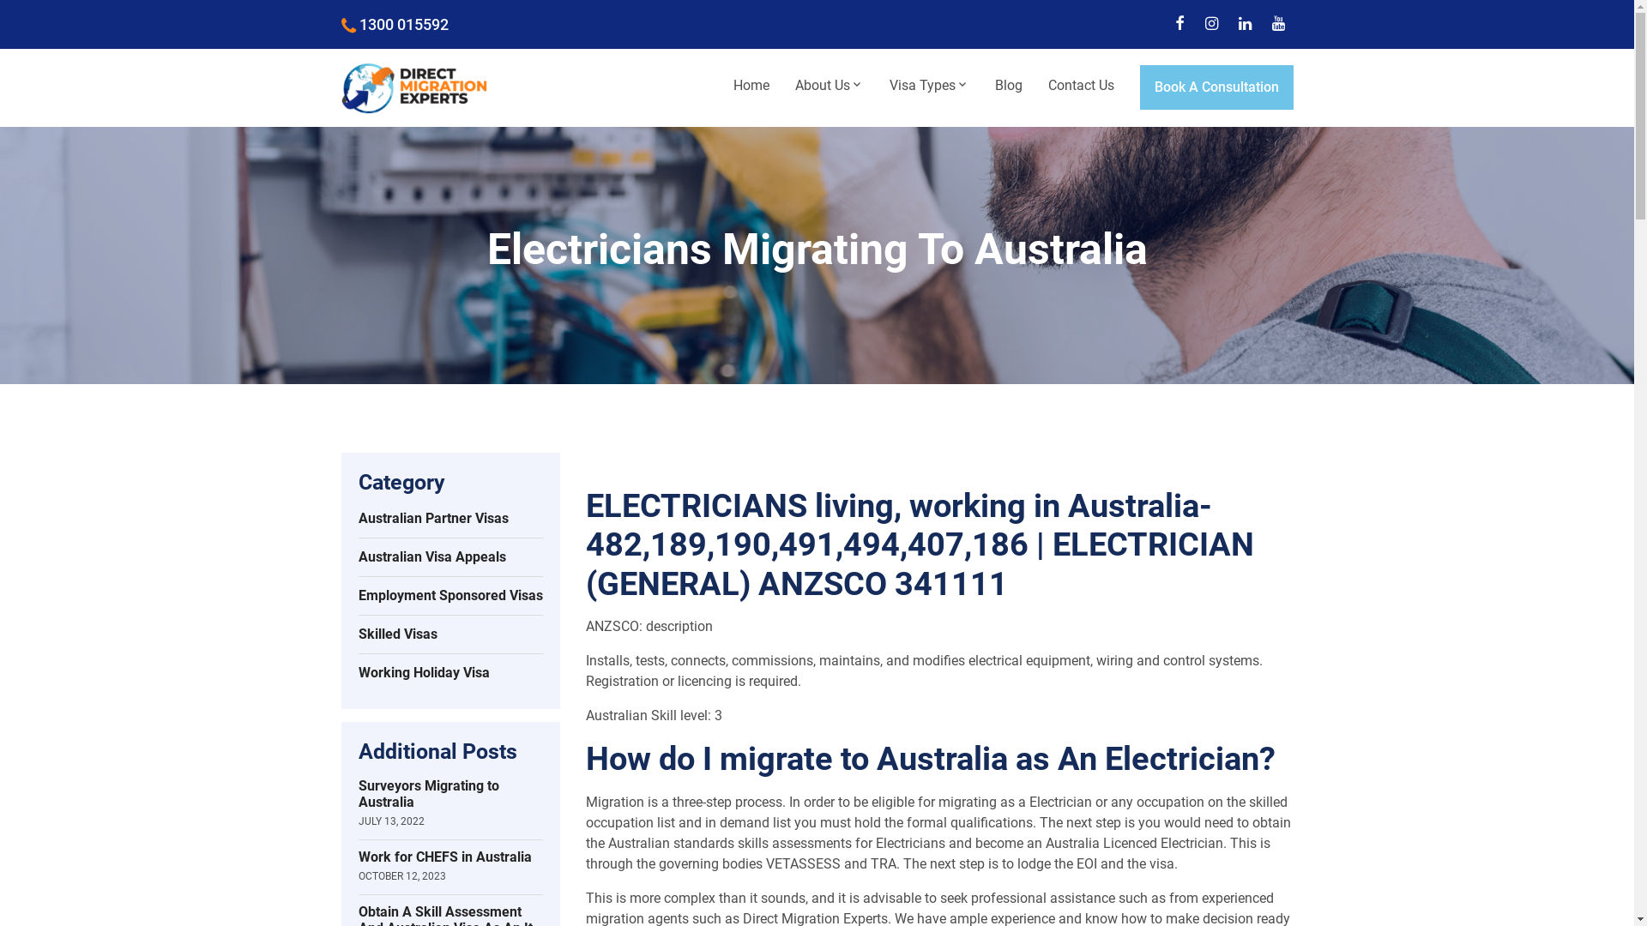  What do you see at coordinates (357, 634) in the screenshot?
I see `'Skilled Visas'` at bounding box center [357, 634].